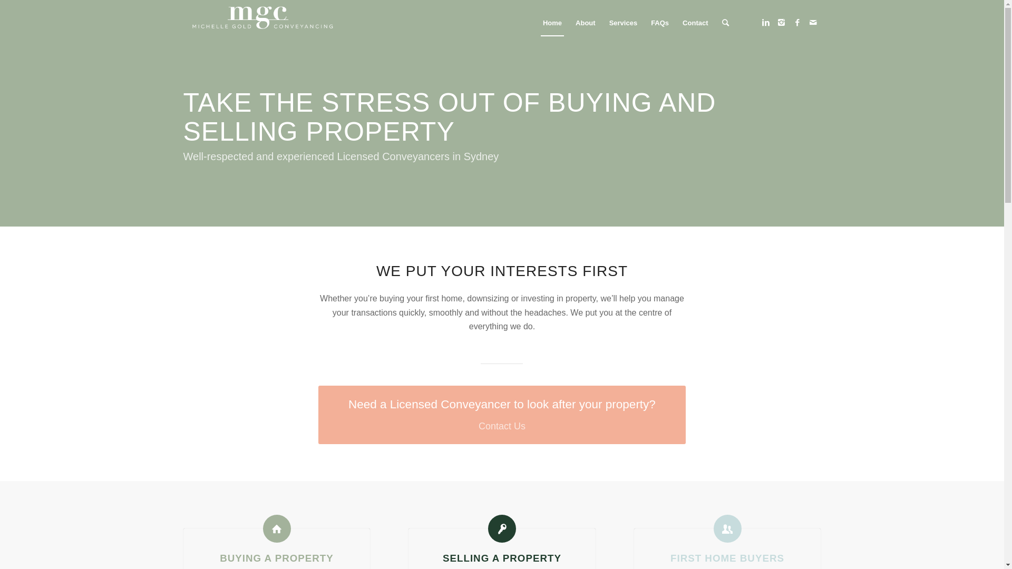 This screenshot has height=569, width=1012. Describe the element at coordinates (551, 23) in the screenshot. I see `'Home'` at that location.